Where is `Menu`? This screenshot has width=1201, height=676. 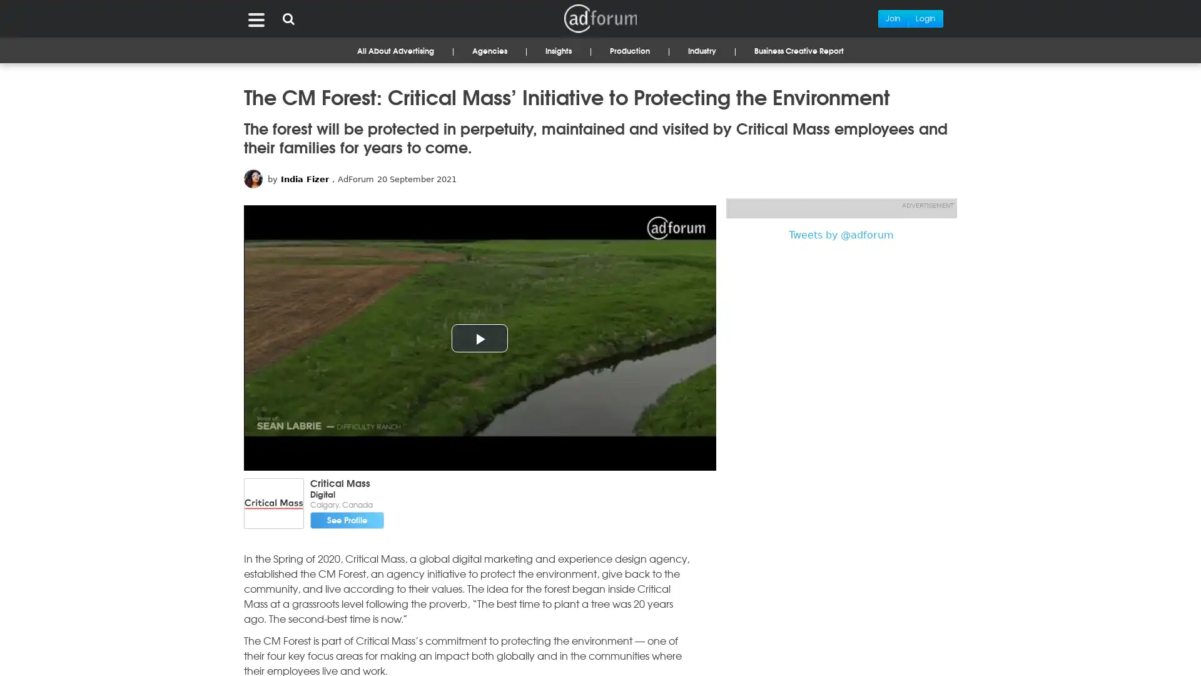 Menu is located at coordinates (255, 18).